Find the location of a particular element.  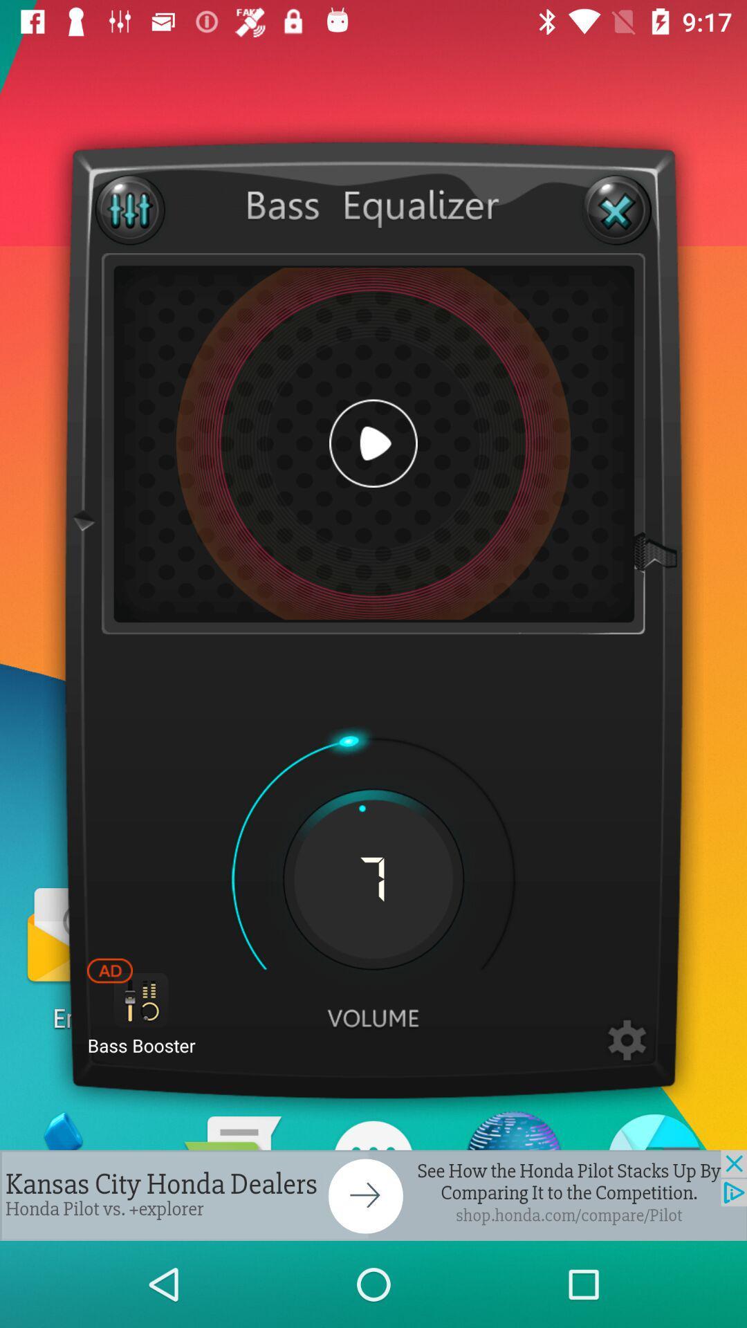

equalize audio is located at coordinates (130, 209).